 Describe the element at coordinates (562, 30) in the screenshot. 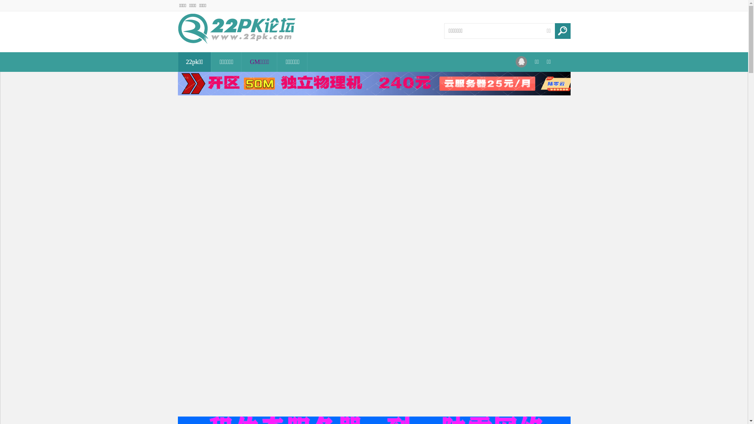

I see `'true'` at that location.